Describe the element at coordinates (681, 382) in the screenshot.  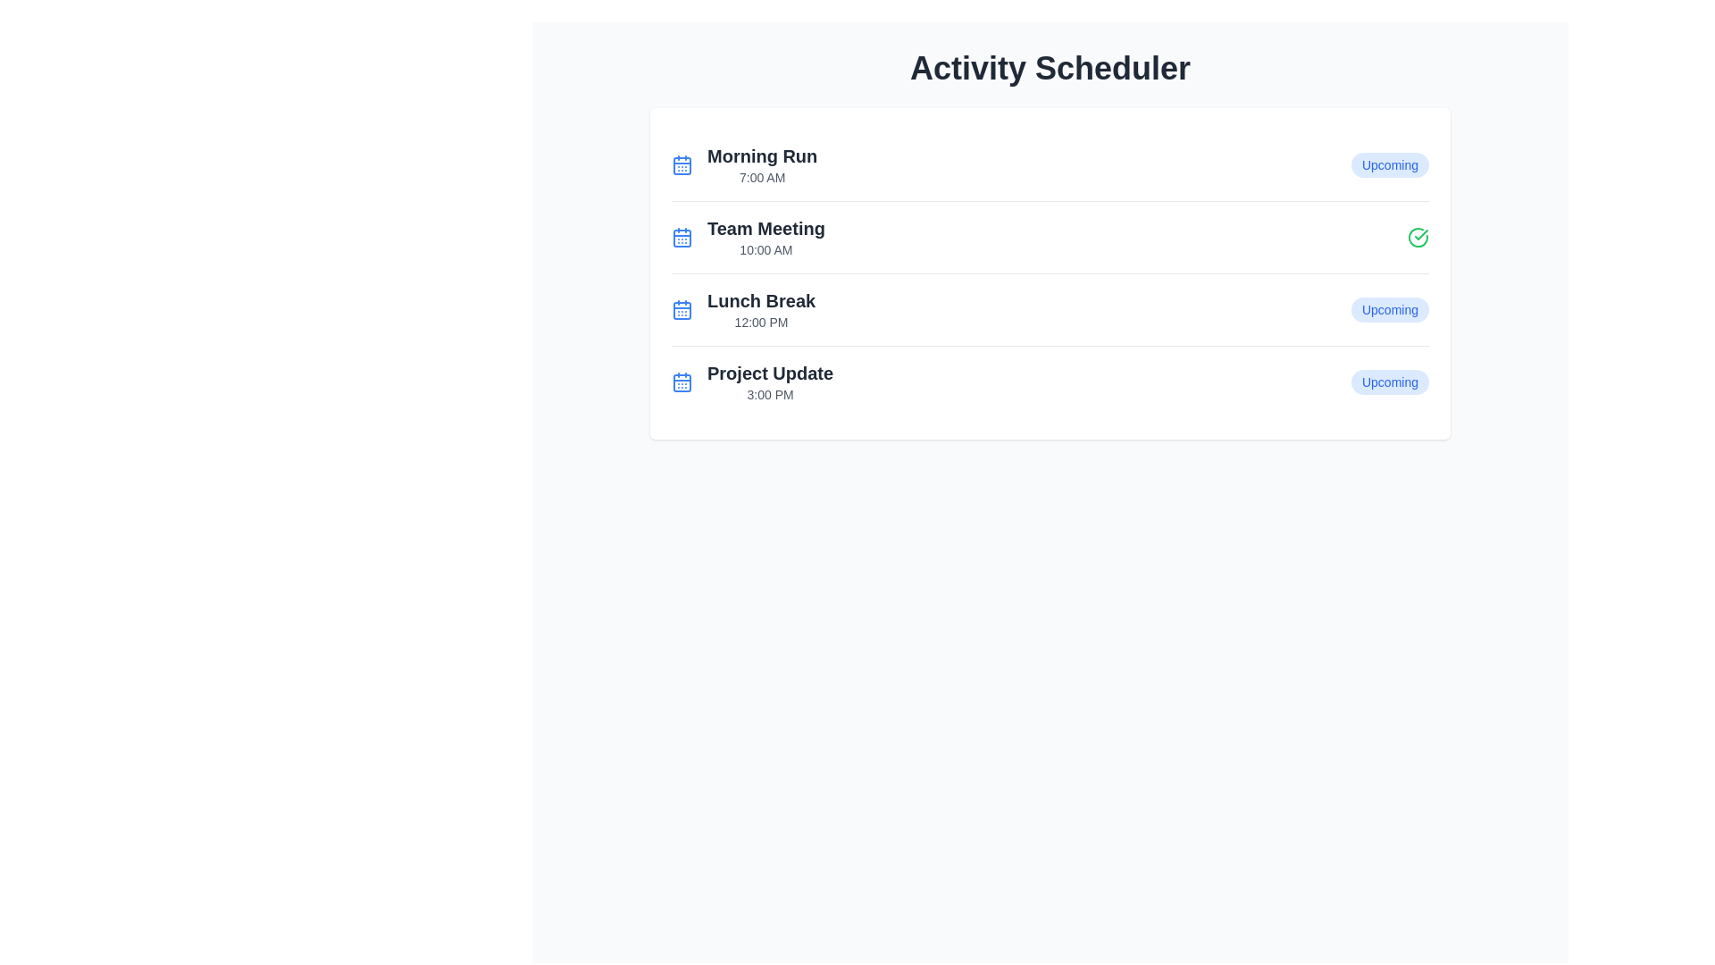
I see `the central SVG shape within the calendar icon, which is located to the left of the 'Project Update' entry` at that location.